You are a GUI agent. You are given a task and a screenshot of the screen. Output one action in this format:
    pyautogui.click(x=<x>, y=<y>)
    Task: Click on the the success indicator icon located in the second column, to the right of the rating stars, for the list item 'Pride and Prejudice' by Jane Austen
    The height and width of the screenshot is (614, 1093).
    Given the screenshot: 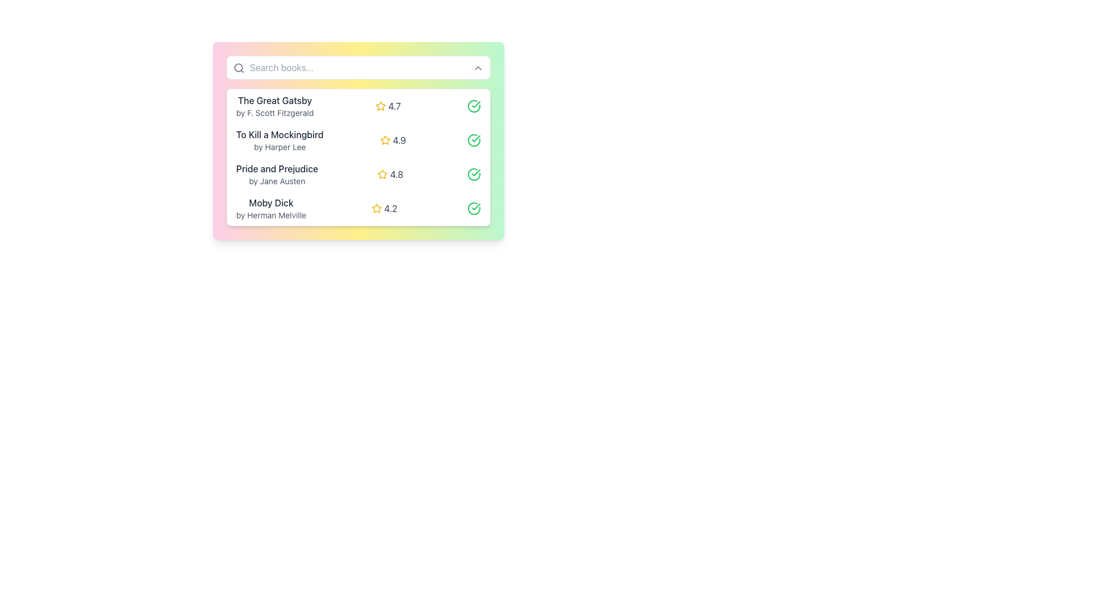 What is the action you would take?
    pyautogui.click(x=476, y=105)
    